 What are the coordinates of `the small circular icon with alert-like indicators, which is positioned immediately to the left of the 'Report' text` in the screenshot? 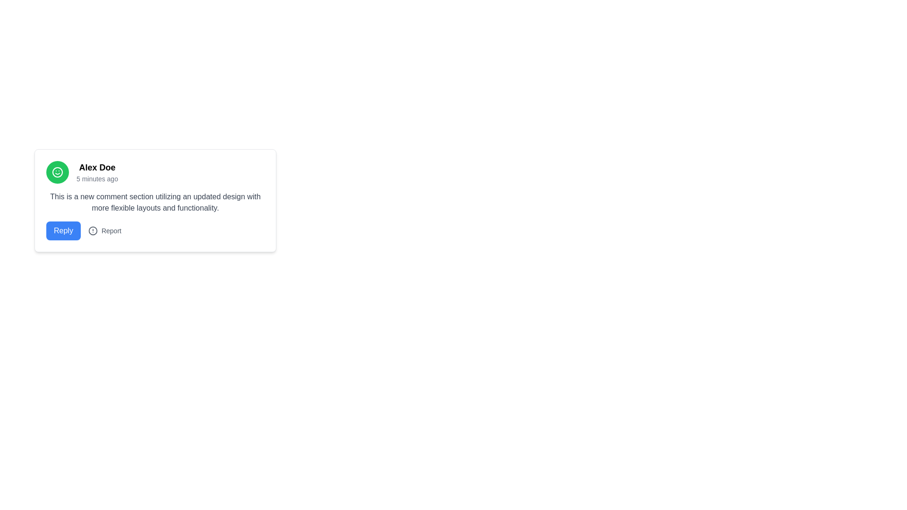 It's located at (93, 231).